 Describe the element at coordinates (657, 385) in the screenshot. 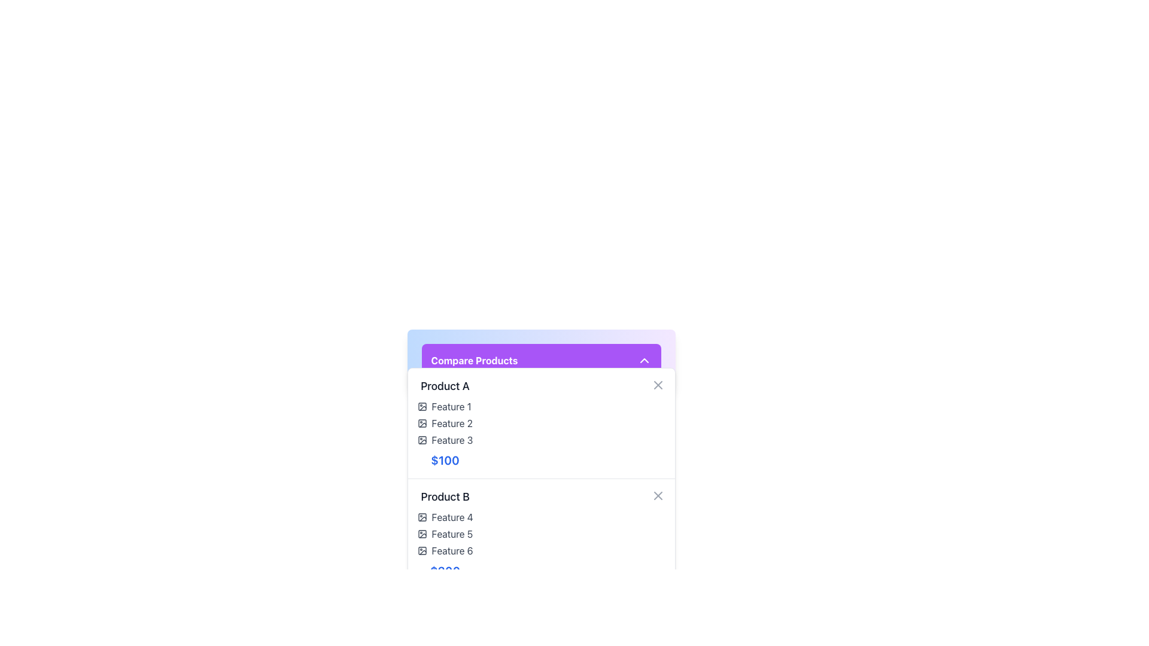

I see `the Close/Remove icon button located in the top-right corner of the 'Product A' card to change its color` at that location.